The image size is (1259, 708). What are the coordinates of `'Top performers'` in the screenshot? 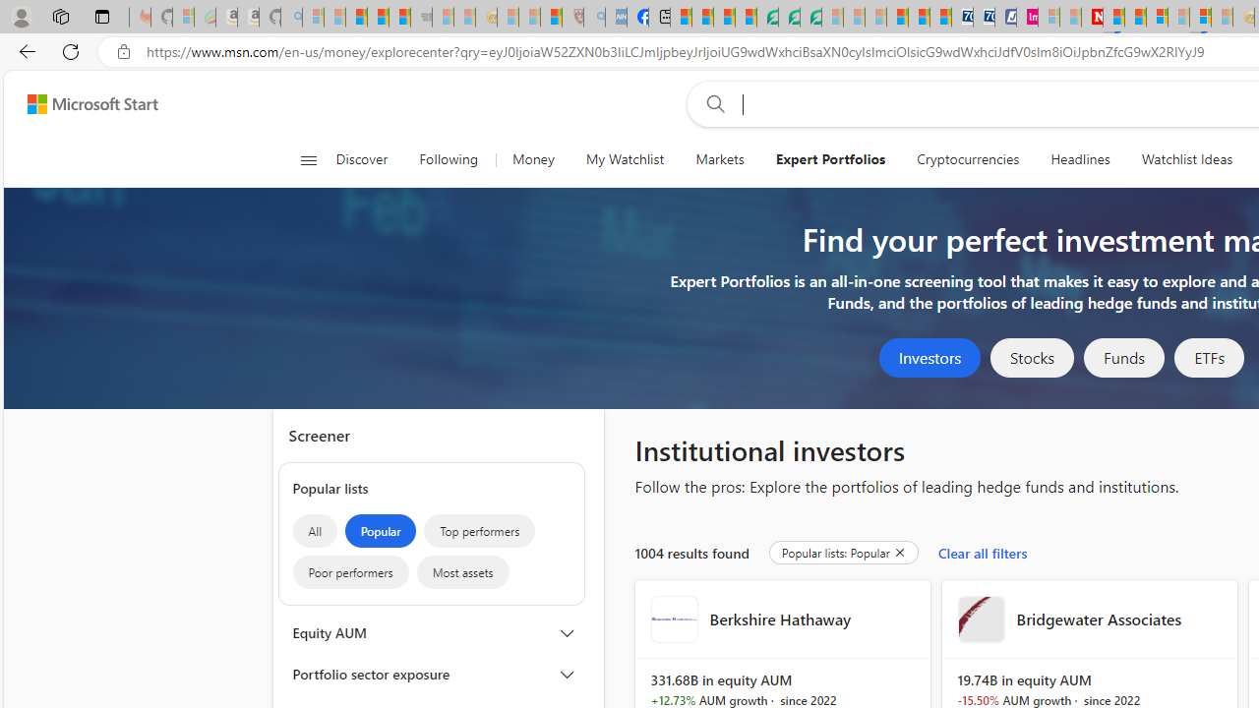 It's located at (480, 531).